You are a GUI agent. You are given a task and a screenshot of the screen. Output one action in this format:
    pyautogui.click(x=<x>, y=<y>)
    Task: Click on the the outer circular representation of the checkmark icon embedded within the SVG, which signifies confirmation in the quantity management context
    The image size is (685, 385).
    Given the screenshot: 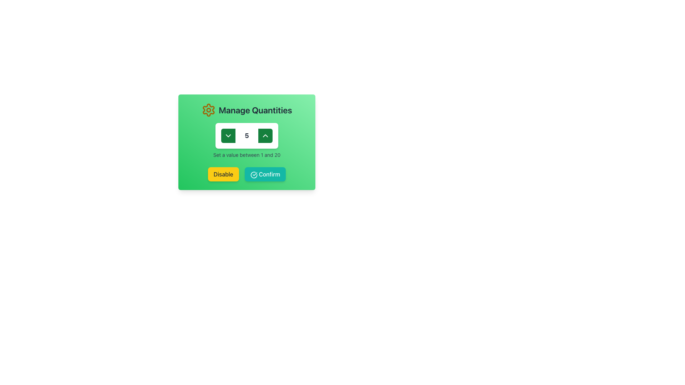 What is the action you would take?
    pyautogui.click(x=254, y=175)
    